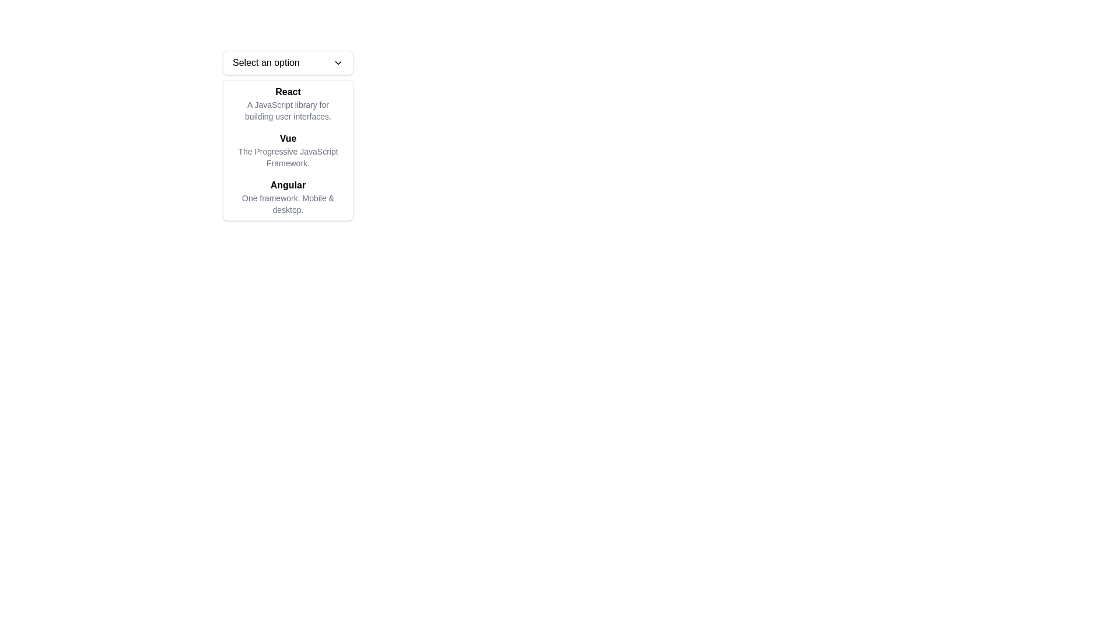  I want to click on the downwards-pointing chevron icon located to the far right of the 'Select an option' label in the dropdown component, so click(338, 63).